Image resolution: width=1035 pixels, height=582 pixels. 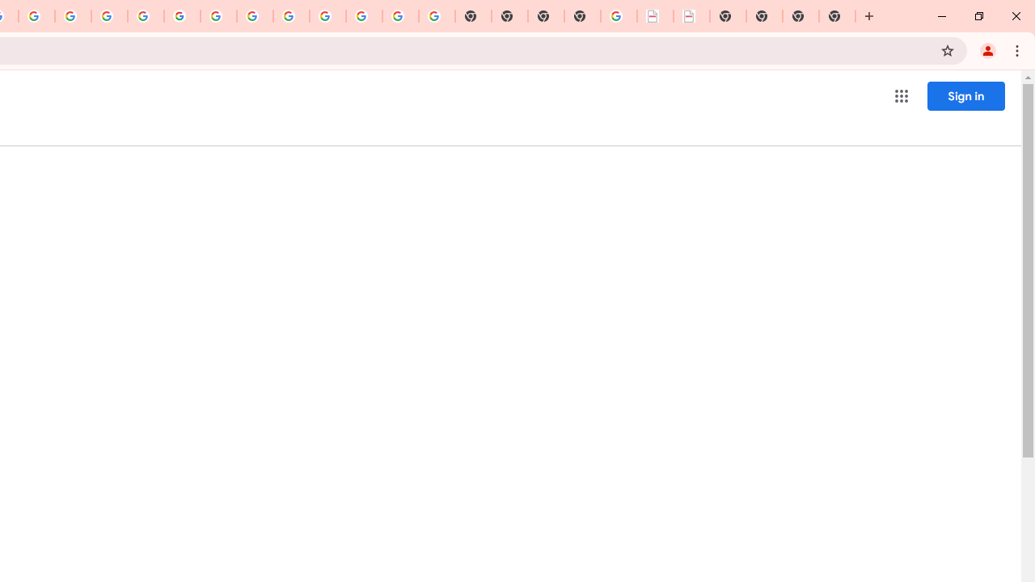 I want to click on 'LAAD Defence & Security 2025 | BAE Systems', so click(x=655, y=16).